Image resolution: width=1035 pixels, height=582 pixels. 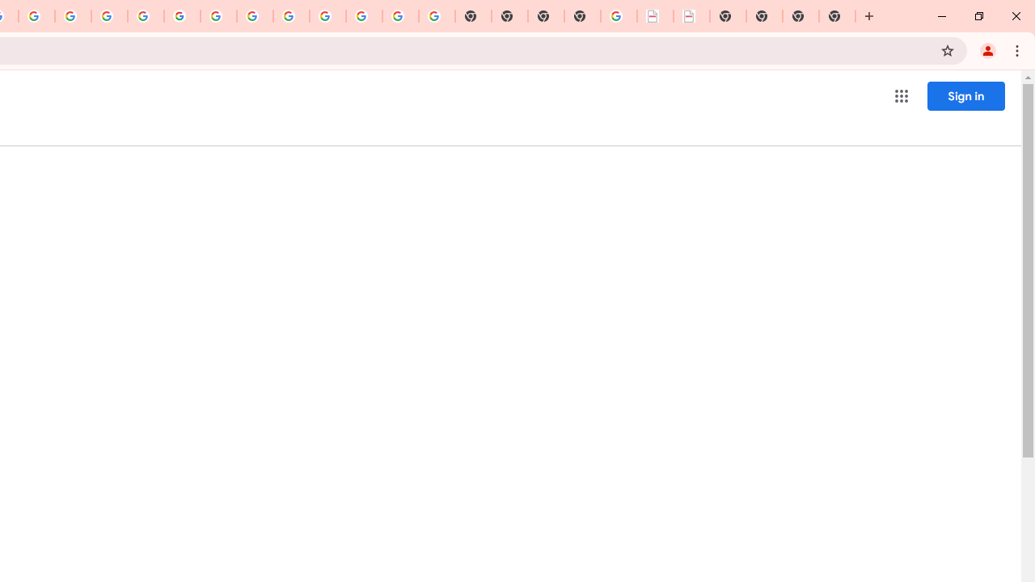 I want to click on 'LAAD Defence & Security 2025 | BAE Systems', so click(x=655, y=16).